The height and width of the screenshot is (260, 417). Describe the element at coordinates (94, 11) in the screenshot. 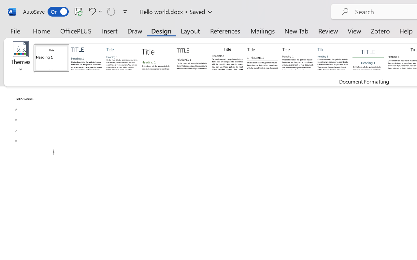

I see `'Undo Click and Type Formatting'` at that location.